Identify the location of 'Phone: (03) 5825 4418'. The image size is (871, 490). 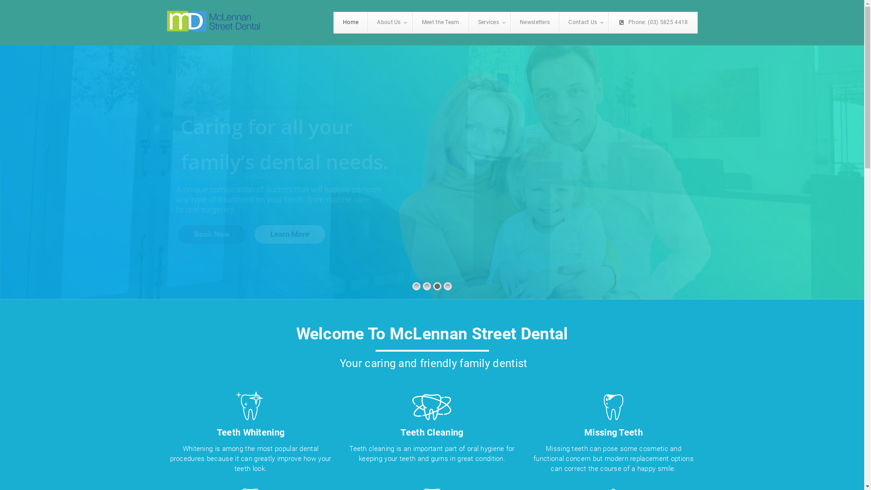
(608, 22).